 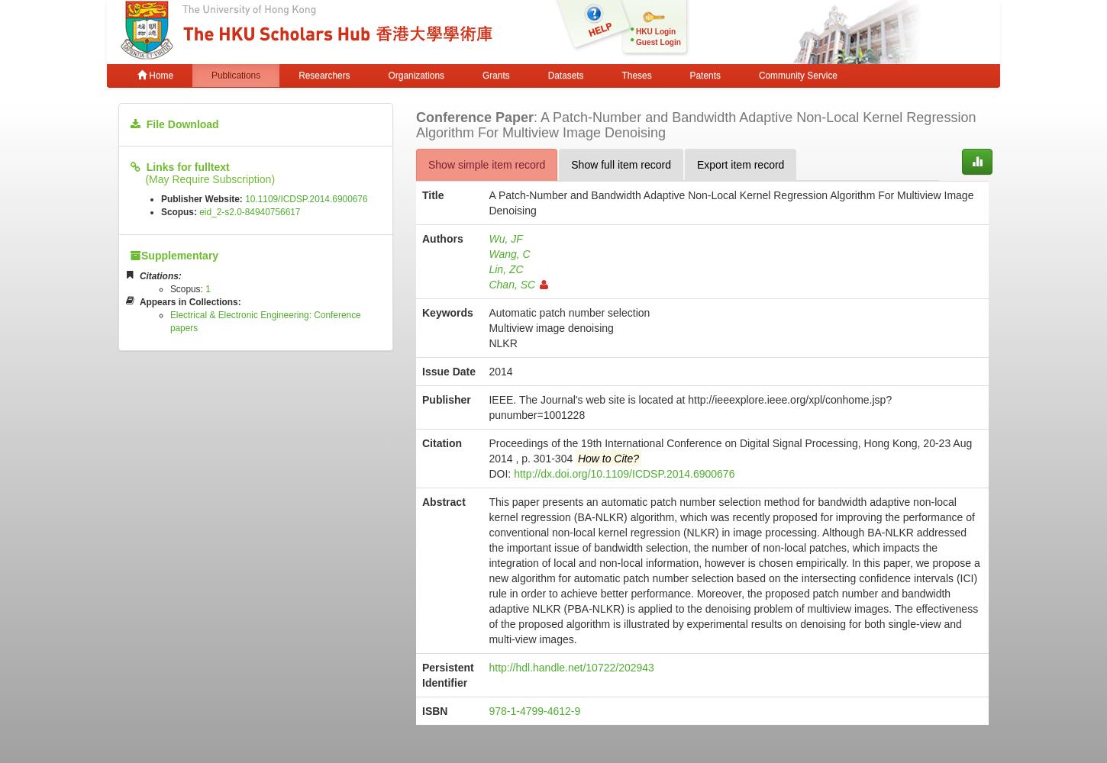 I want to click on '1', so click(x=205, y=288).